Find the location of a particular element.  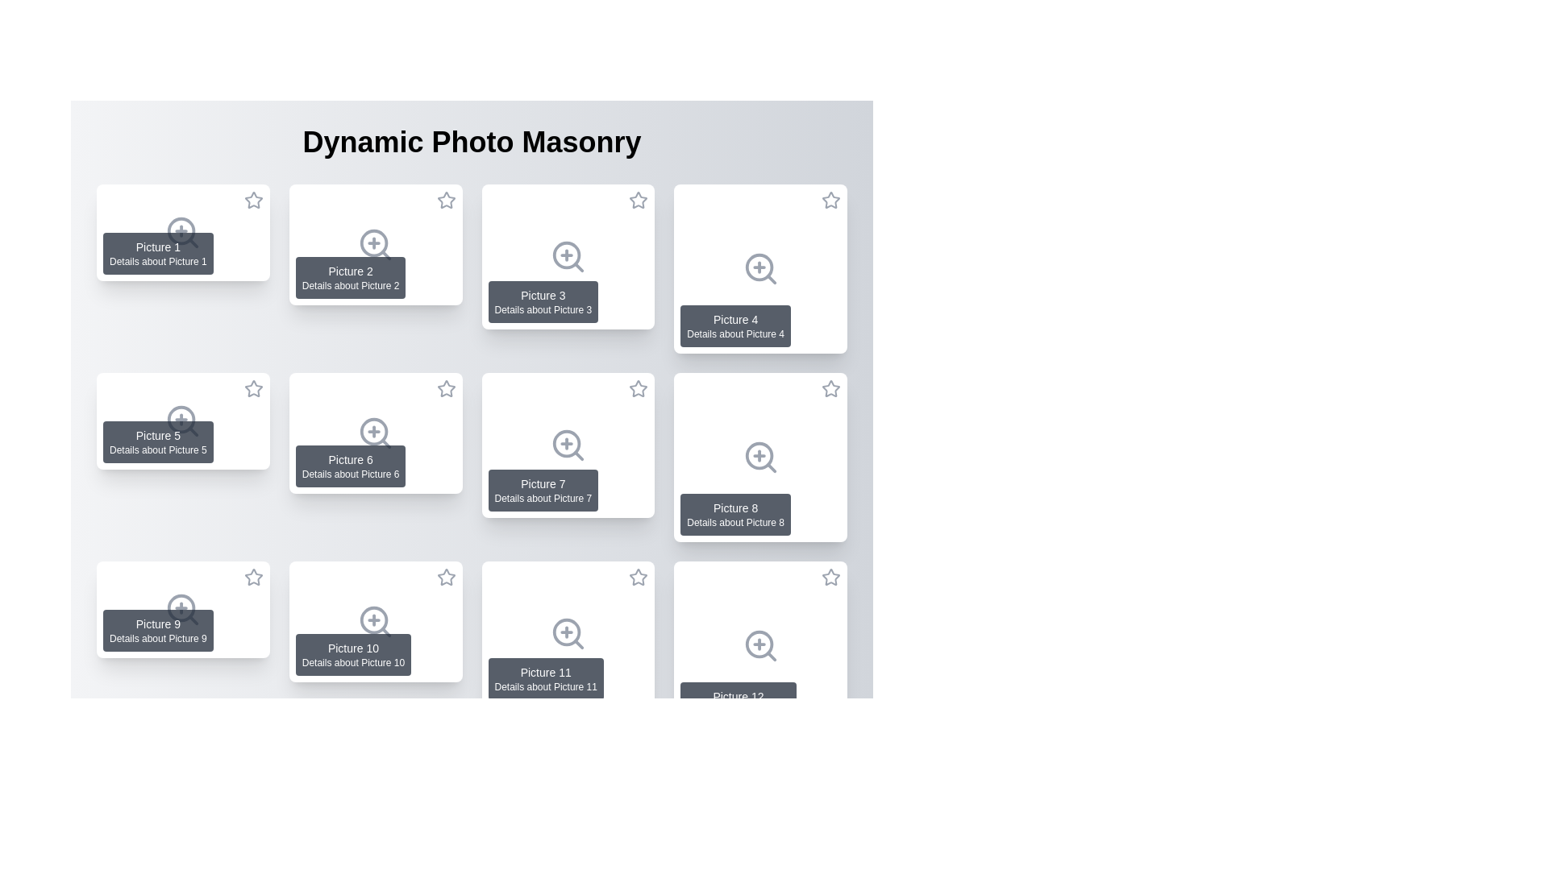

the Card component representing 'Picture 11' in the photo gallery for rearrangement is located at coordinates (568, 632).